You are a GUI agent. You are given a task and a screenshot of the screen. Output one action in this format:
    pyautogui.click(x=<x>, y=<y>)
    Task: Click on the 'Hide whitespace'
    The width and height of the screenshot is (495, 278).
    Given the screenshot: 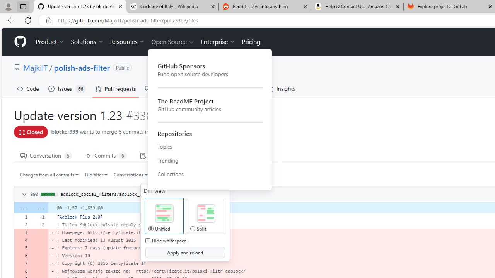 What is the action you would take?
    pyautogui.click(x=148, y=240)
    